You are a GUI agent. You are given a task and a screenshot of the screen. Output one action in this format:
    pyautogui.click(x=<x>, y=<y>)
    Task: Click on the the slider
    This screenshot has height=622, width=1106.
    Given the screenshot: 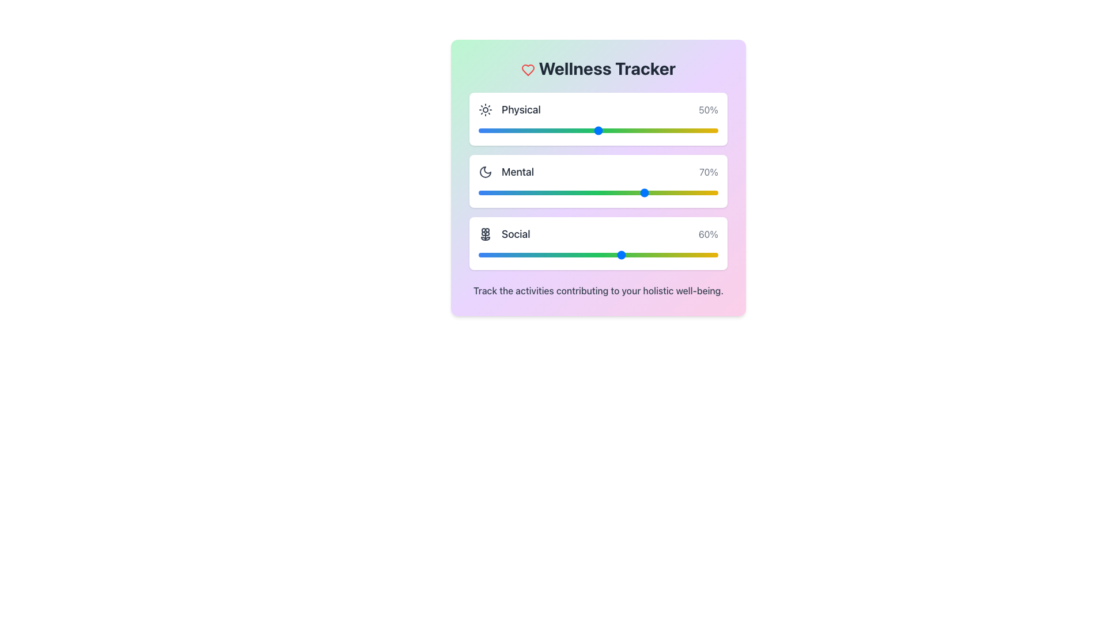 What is the action you would take?
    pyautogui.click(x=684, y=192)
    